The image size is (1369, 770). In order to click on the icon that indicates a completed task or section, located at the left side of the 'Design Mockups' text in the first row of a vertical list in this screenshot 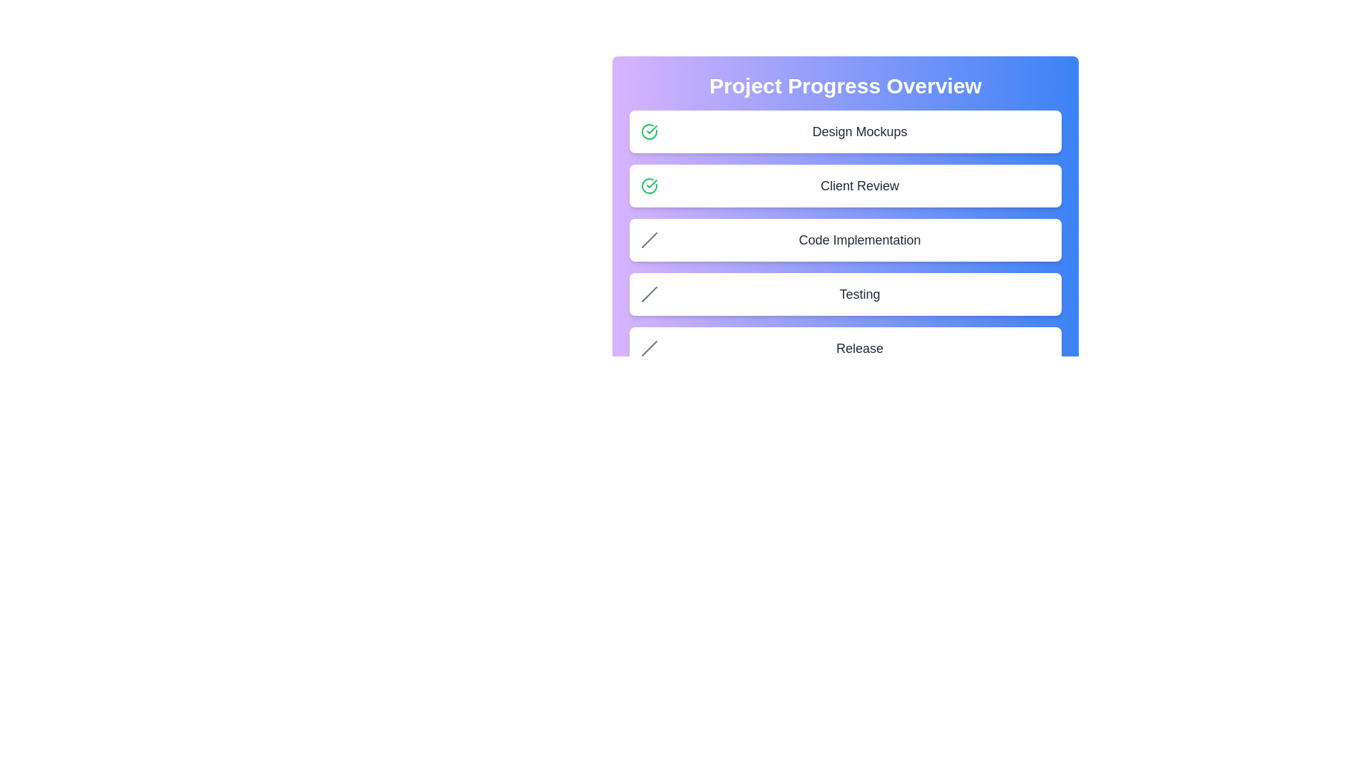, I will do `click(649, 132)`.